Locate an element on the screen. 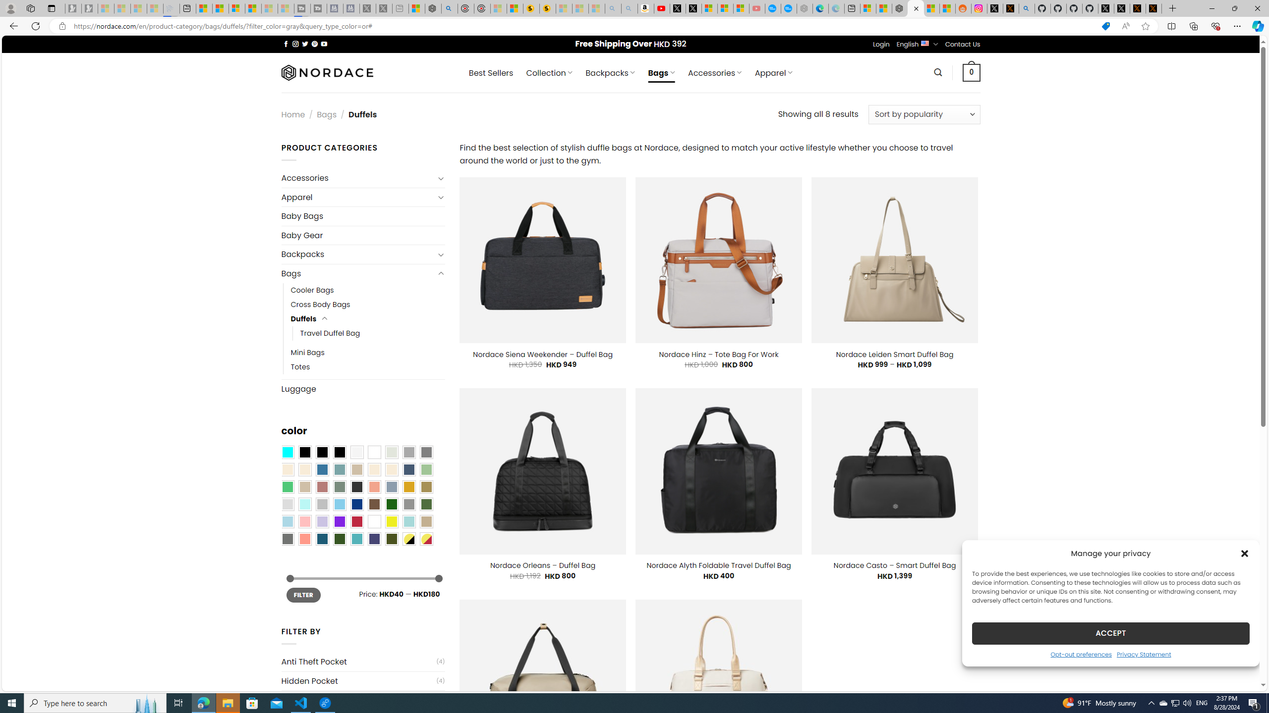 This screenshot has height=713, width=1269. 'Hidden Pocket(4)' is located at coordinates (362, 680).